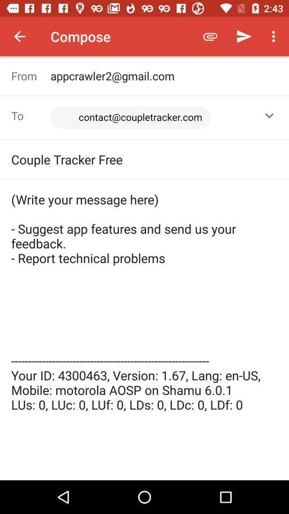 The image size is (289, 514). Describe the element at coordinates (19, 36) in the screenshot. I see `the item to the left of the compose icon` at that location.